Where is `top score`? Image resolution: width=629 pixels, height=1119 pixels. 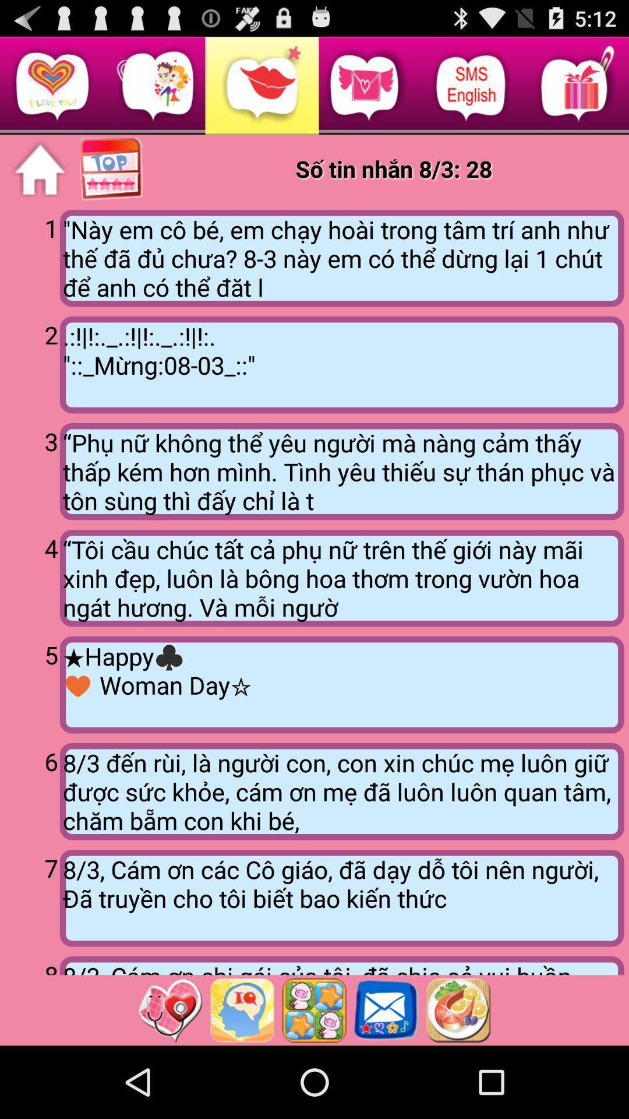 top score is located at coordinates (112, 169).